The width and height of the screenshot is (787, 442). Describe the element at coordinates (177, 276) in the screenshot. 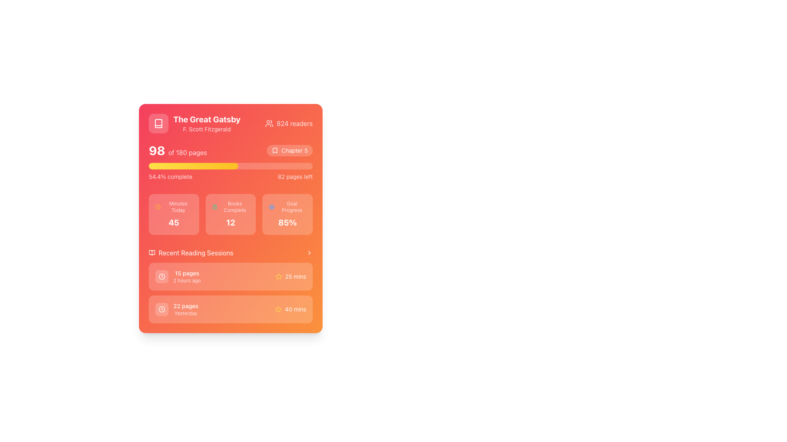

I see `text from the Information display that shows reading progress of 15 pages completed 2 hours prior, located in the middle-left region of the rectangular card labeled 'Recent Reading Sessions'` at that location.